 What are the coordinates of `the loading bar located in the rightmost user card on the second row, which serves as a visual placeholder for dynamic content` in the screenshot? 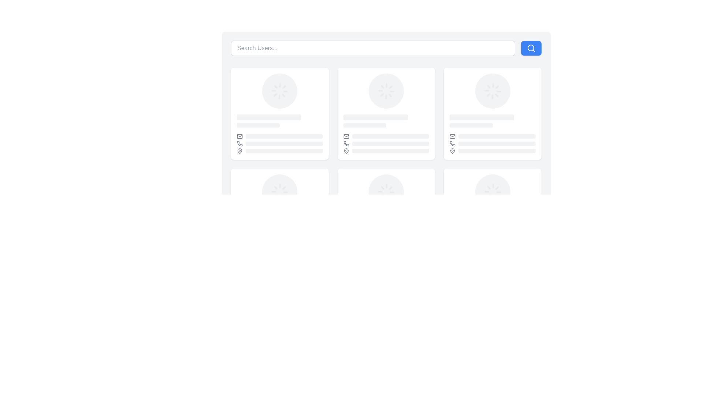 It's located at (497, 150).